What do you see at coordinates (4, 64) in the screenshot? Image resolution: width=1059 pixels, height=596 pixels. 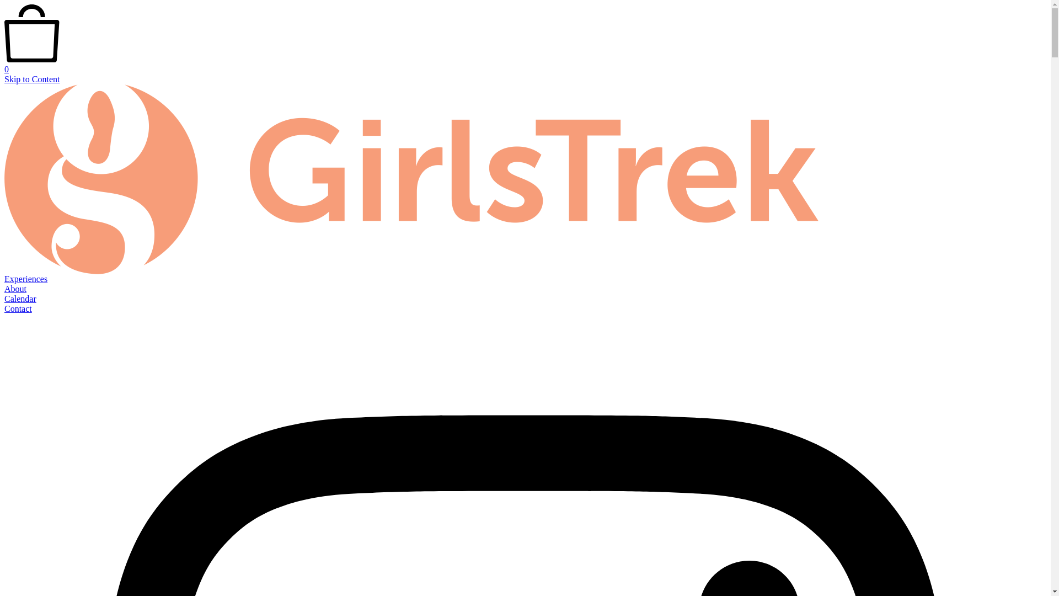 I see `'0'` at bounding box center [4, 64].